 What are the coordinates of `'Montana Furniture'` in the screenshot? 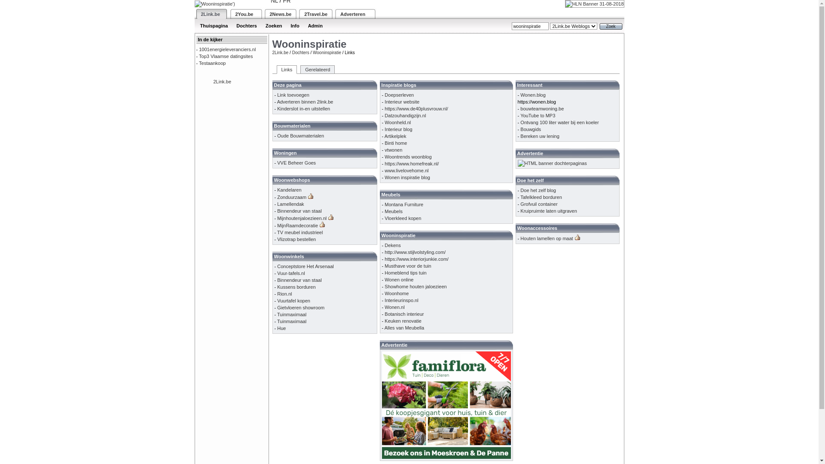 It's located at (384, 204).